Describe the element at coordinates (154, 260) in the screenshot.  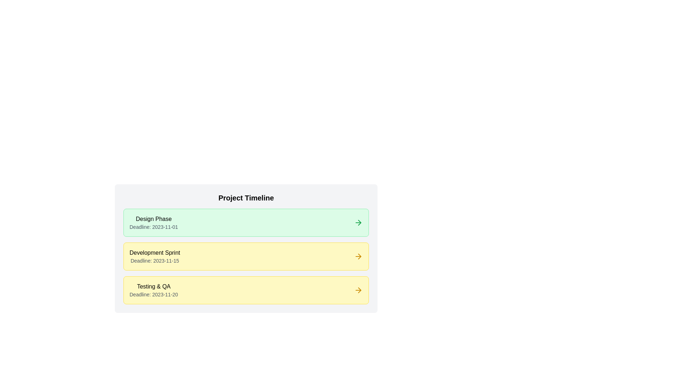
I see `informational text label that communicates the deadline of the associated task or project phase located in the second block of the timeline titled 'Development Sprint', situated beneath the title text in the yellow area` at that location.